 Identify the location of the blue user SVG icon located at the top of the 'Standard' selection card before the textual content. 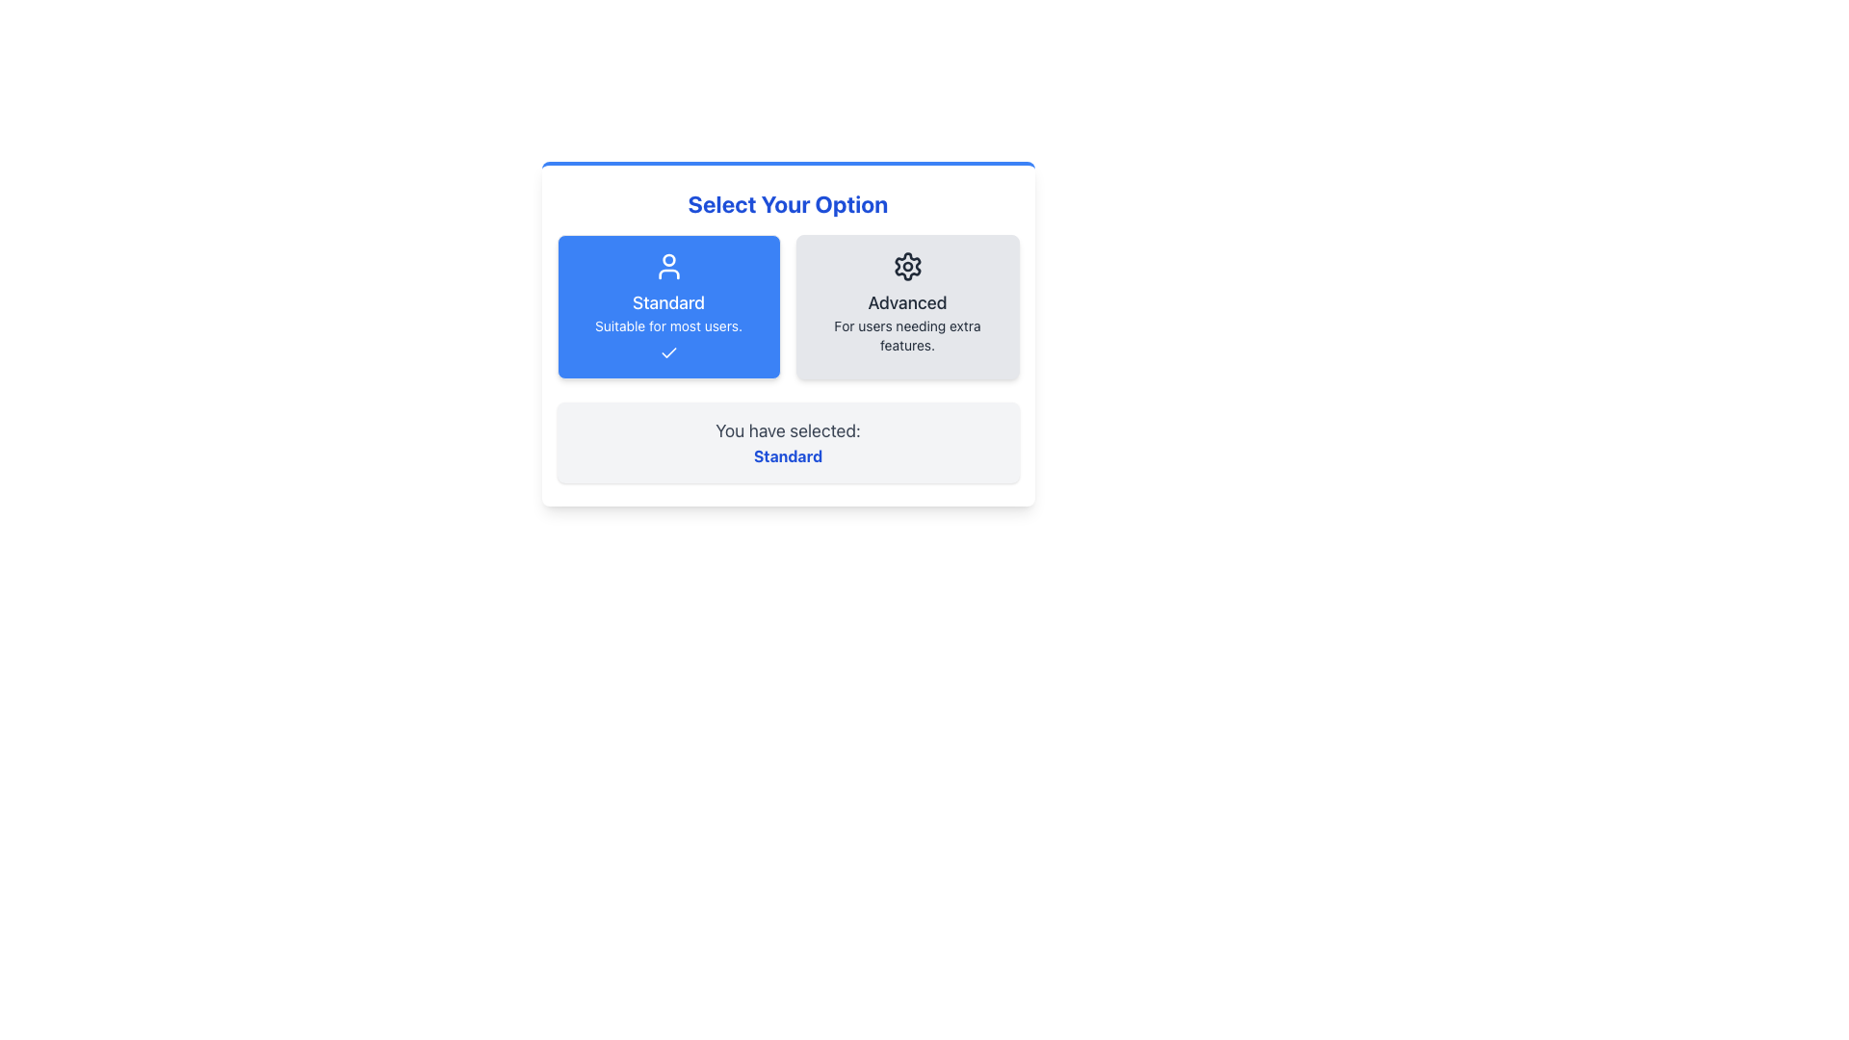
(668, 267).